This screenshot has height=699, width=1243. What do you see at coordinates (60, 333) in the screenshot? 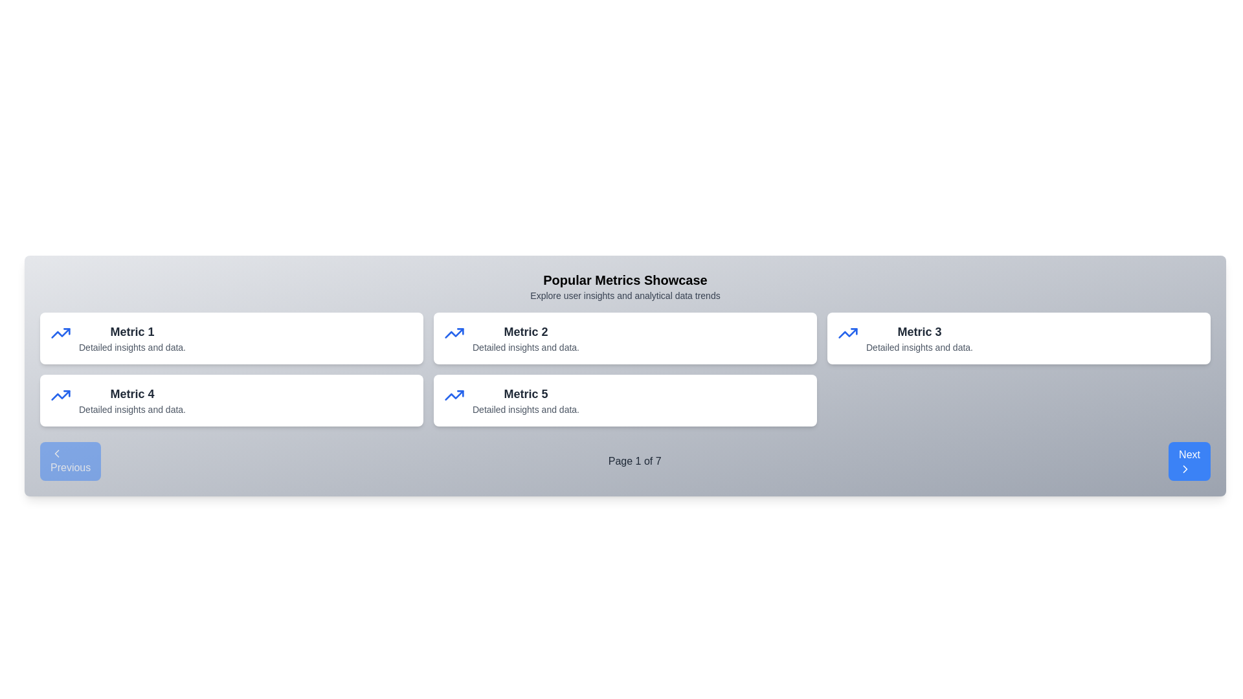
I see `the visual representation of the trending metric icon for 'Metric 1' located in the top-left corner of the card` at bounding box center [60, 333].